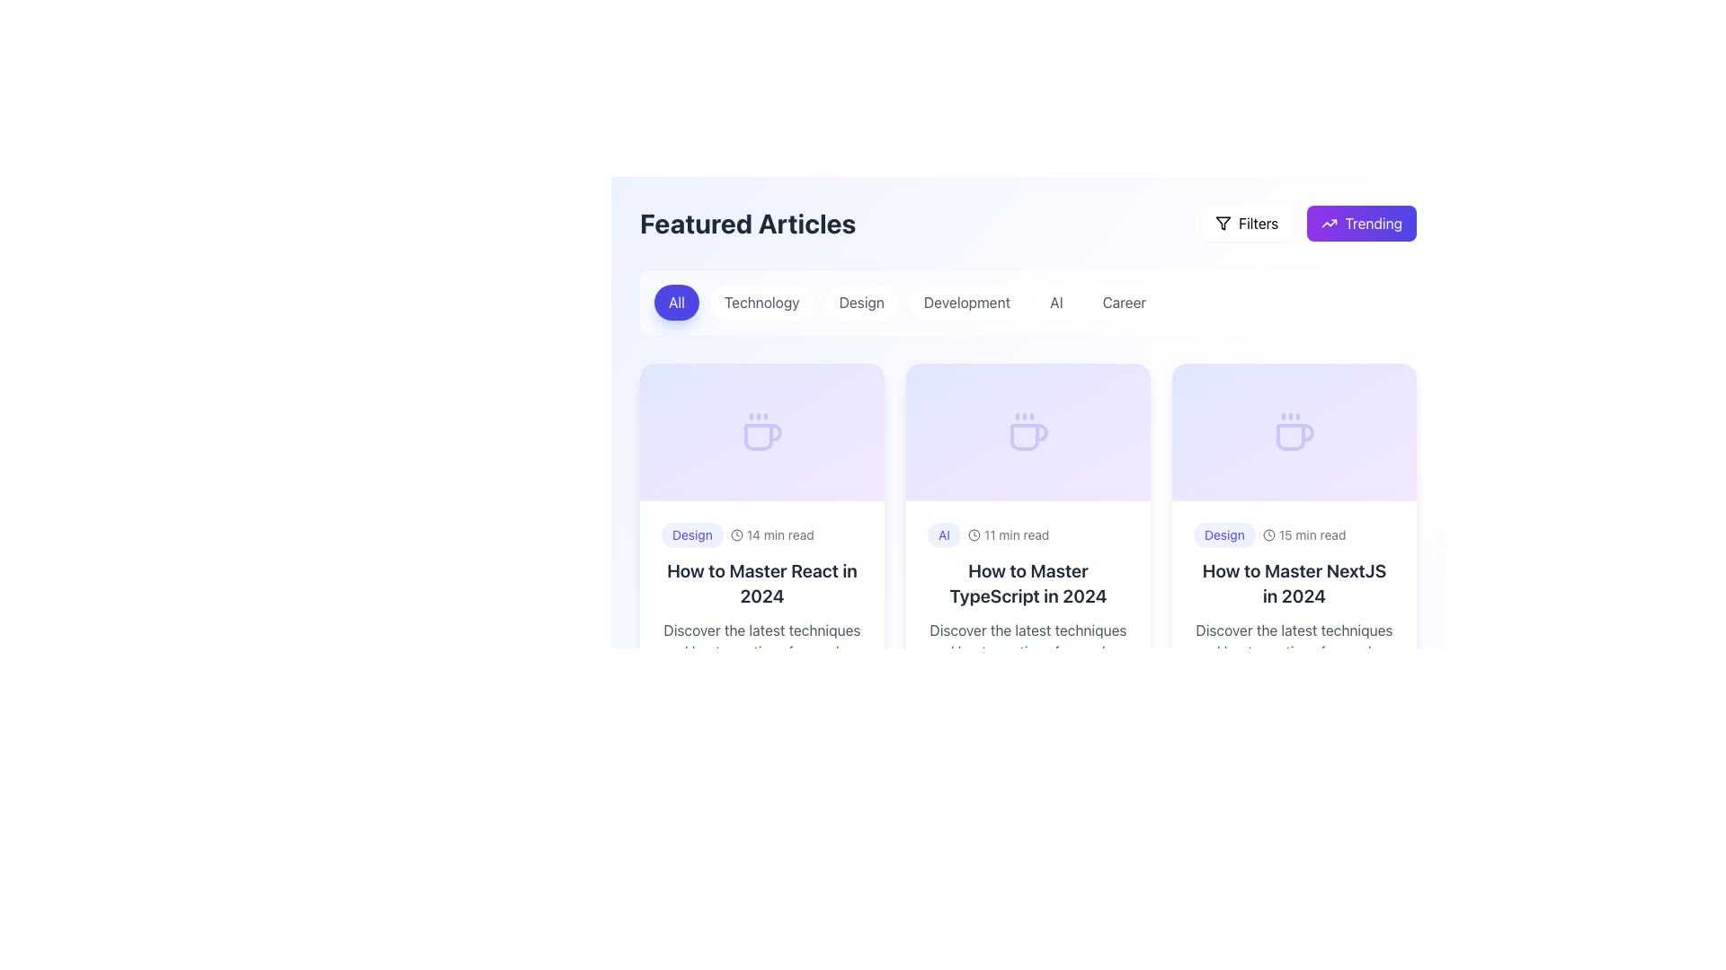  What do you see at coordinates (1028, 432) in the screenshot?
I see `the decorative icon located at the center of the second card in a horizontal list of cards displayed on the page` at bounding box center [1028, 432].